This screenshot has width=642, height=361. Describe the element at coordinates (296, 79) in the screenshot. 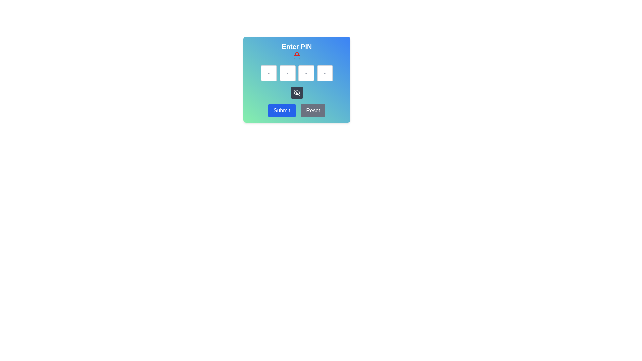

I see `the Visibility toggle button` at that location.